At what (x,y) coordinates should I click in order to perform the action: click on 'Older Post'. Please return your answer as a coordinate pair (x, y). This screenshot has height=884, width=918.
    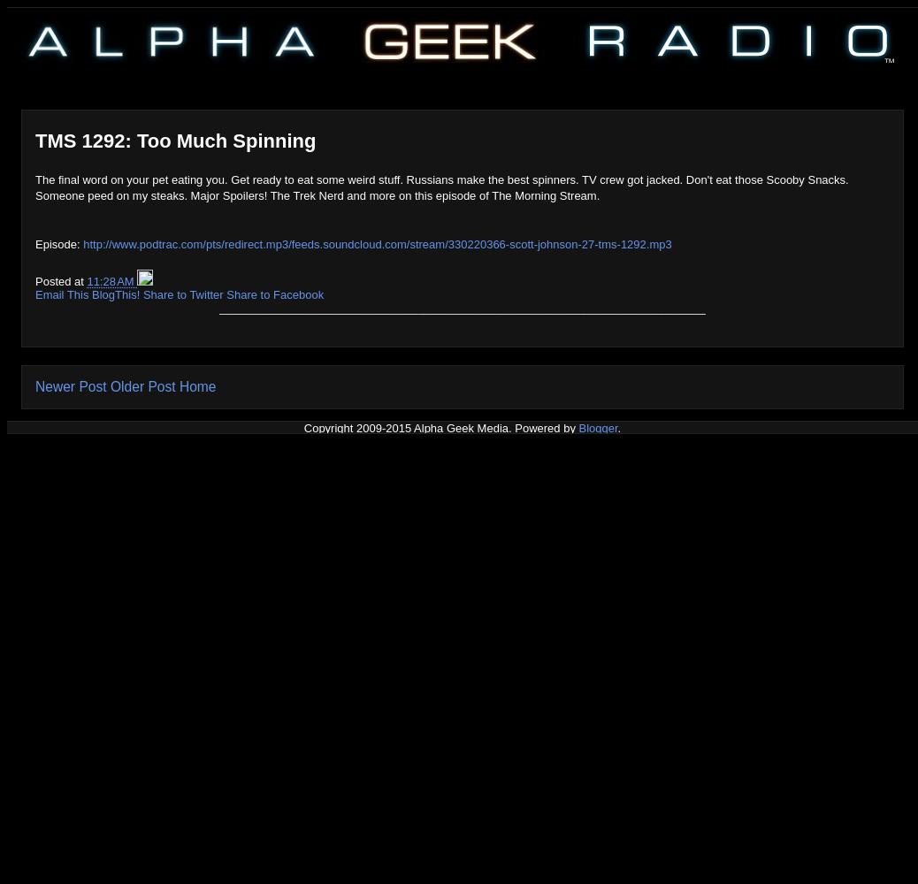
    Looking at the image, I should click on (142, 386).